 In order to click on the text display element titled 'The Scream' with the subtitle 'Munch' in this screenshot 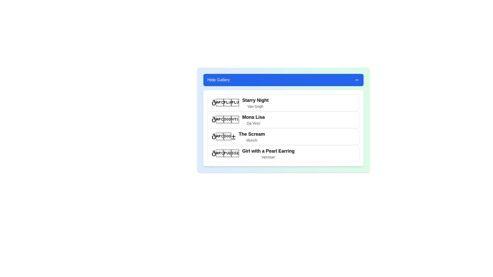, I will do `click(252, 136)`.